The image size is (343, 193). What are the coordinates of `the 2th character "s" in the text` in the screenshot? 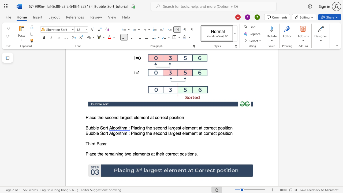 It's located at (179, 133).